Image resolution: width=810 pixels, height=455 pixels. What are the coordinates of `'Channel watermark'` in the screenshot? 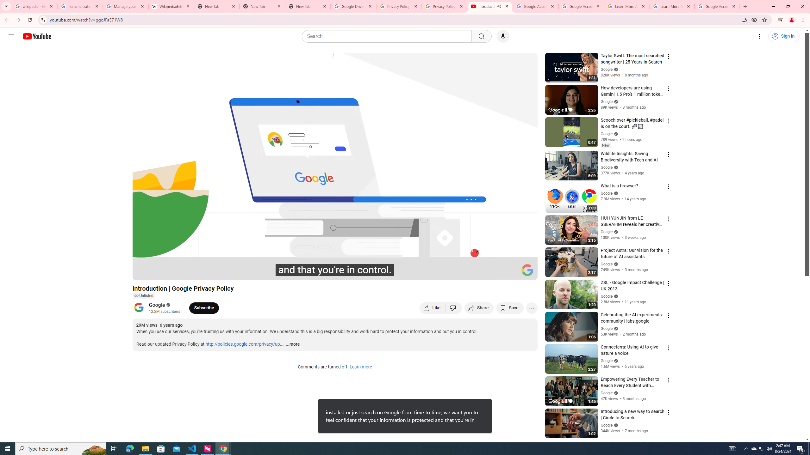 It's located at (527, 270).